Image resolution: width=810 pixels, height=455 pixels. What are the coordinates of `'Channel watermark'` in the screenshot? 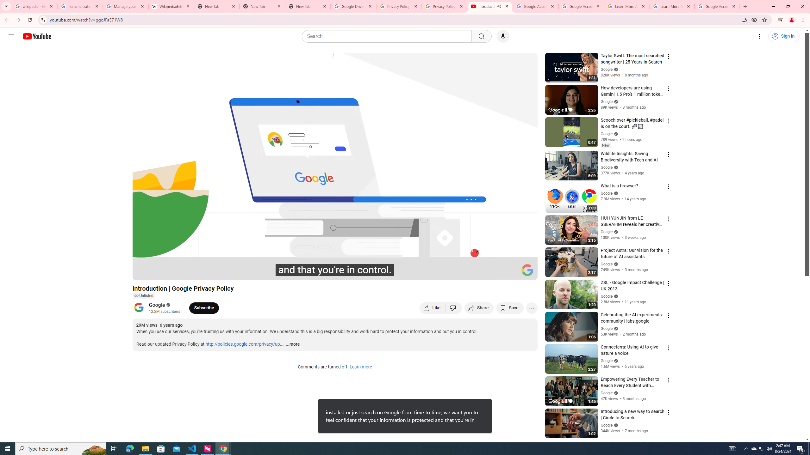 It's located at (527, 270).